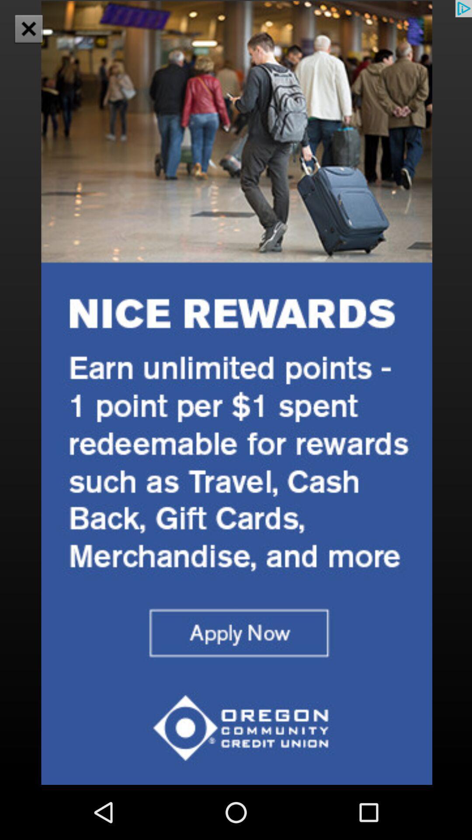 The height and width of the screenshot is (840, 472). Describe the element at coordinates (28, 31) in the screenshot. I see `the close icon` at that location.